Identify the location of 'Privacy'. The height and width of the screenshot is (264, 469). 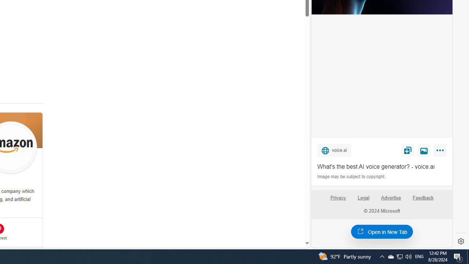
(337, 201).